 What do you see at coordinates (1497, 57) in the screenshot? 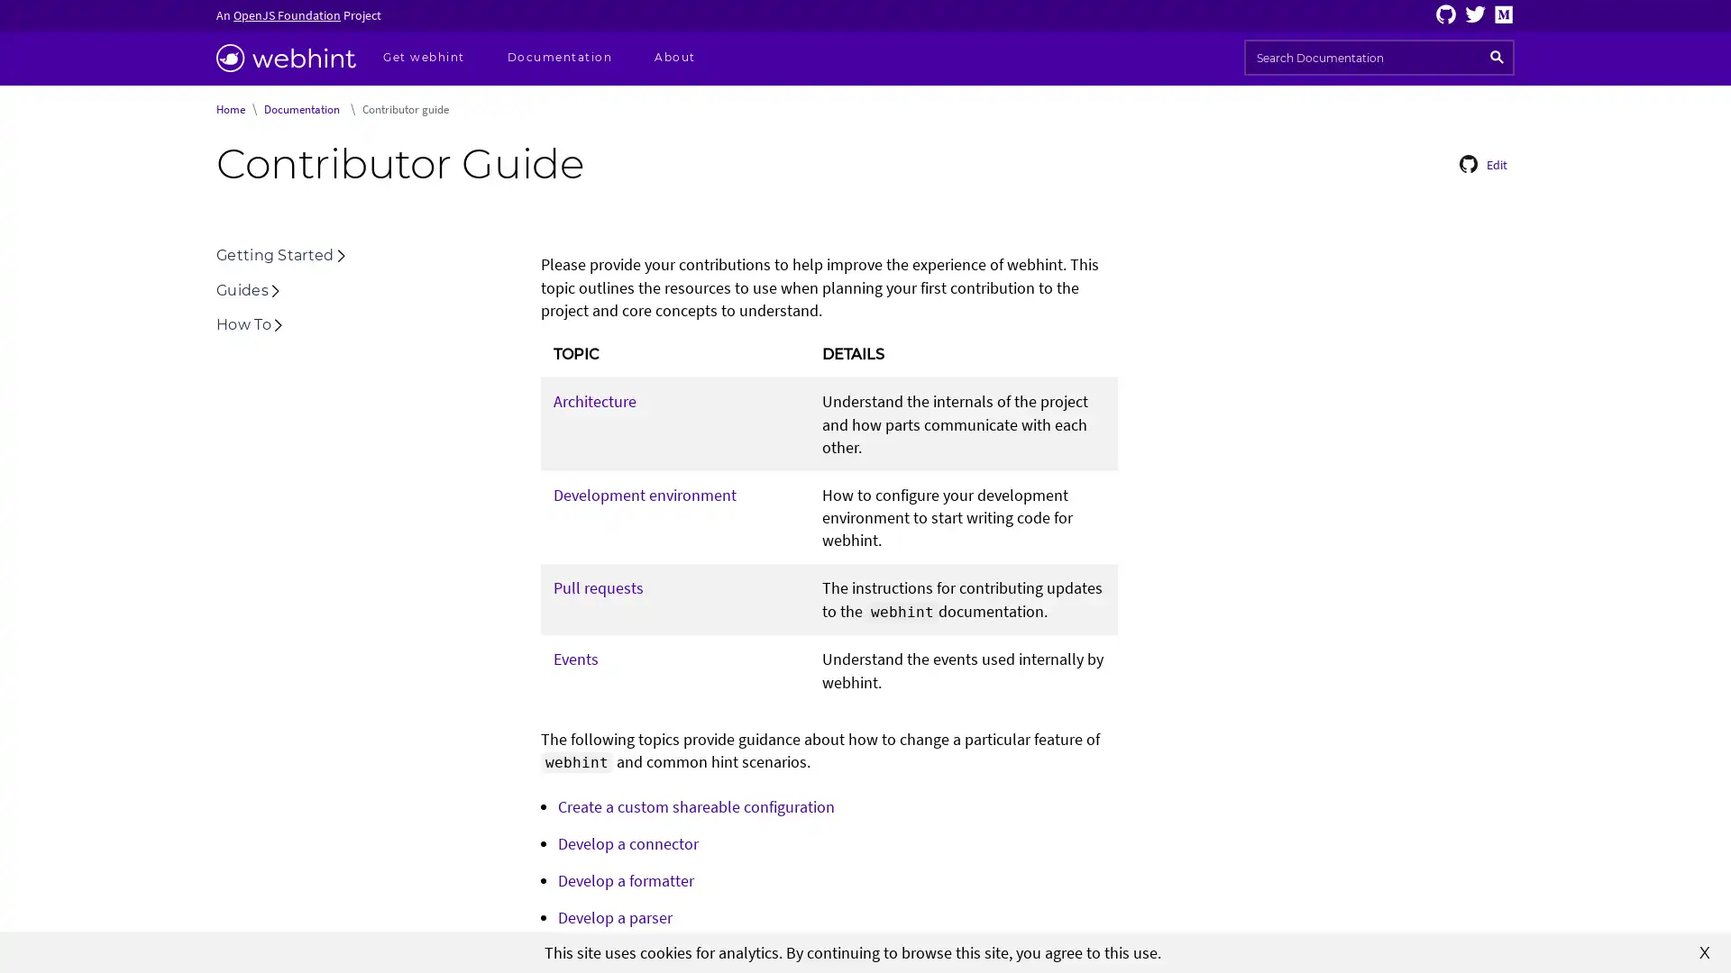
I see `search` at bounding box center [1497, 57].